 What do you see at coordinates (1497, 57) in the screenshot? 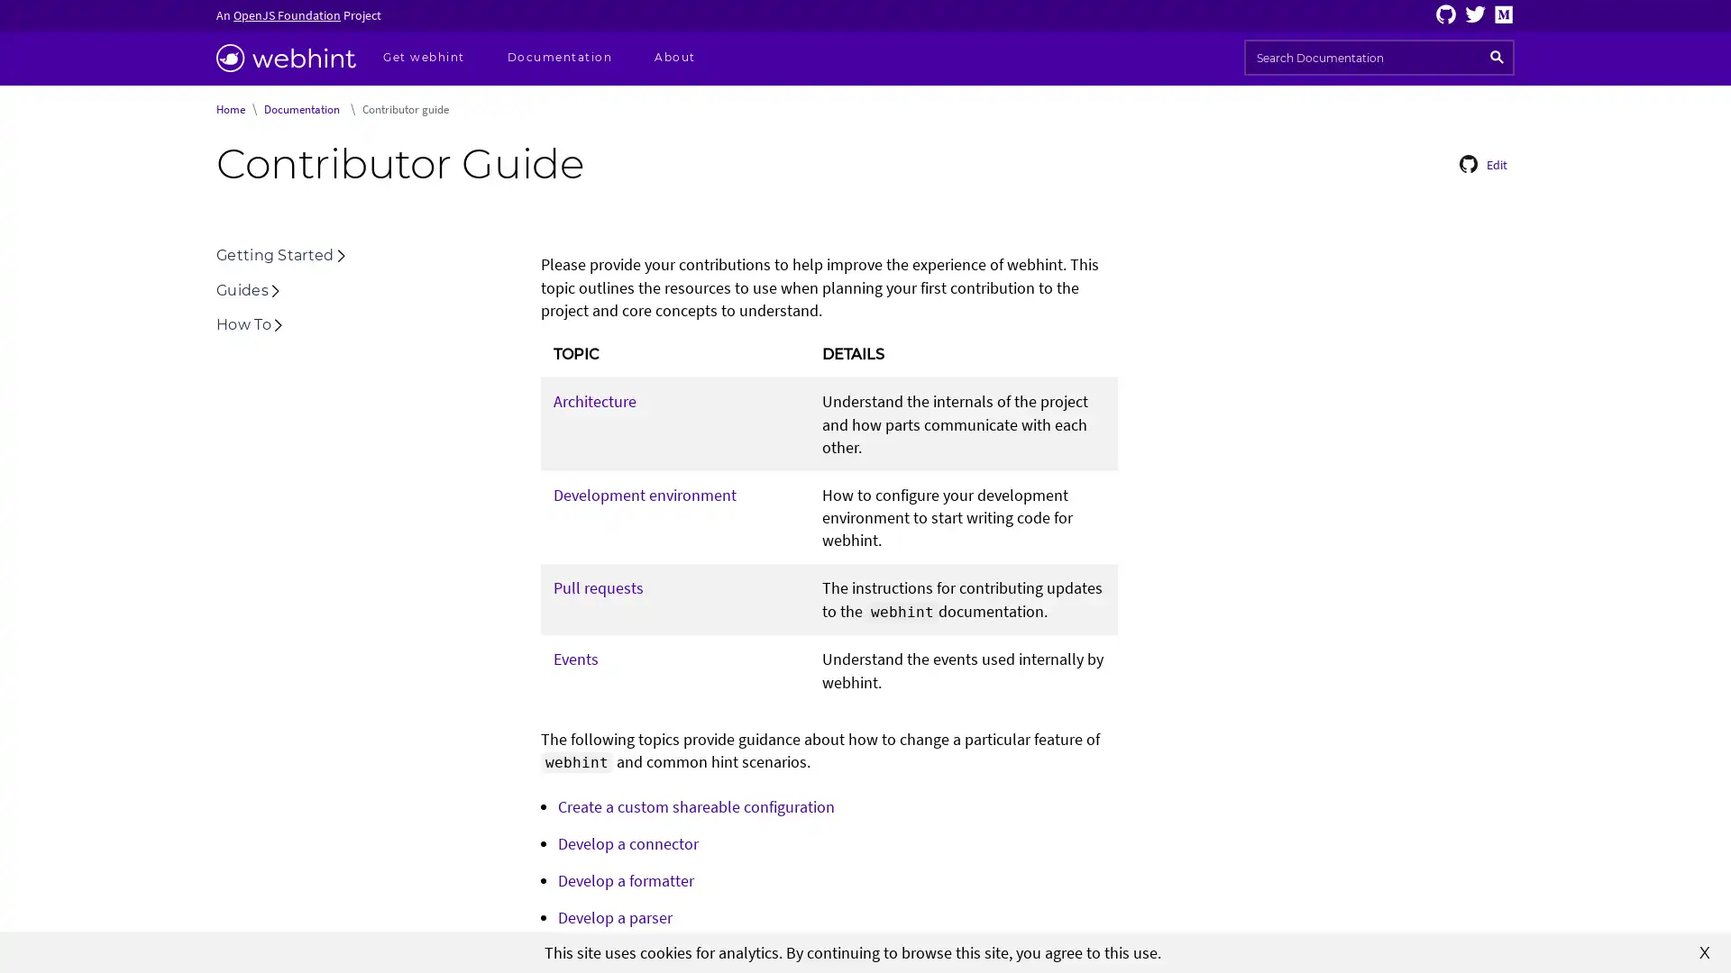
I see `search` at bounding box center [1497, 57].